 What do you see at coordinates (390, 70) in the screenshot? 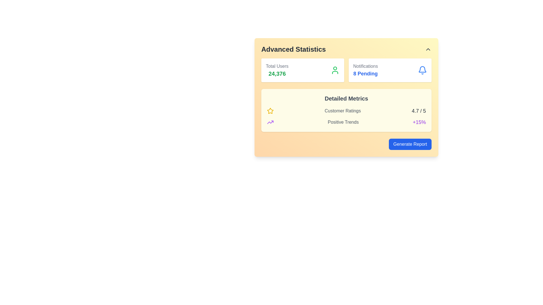
I see `the Notification summary card, which is the second card in the grid layout providing a summary of pending notifications for the user` at bounding box center [390, 70].